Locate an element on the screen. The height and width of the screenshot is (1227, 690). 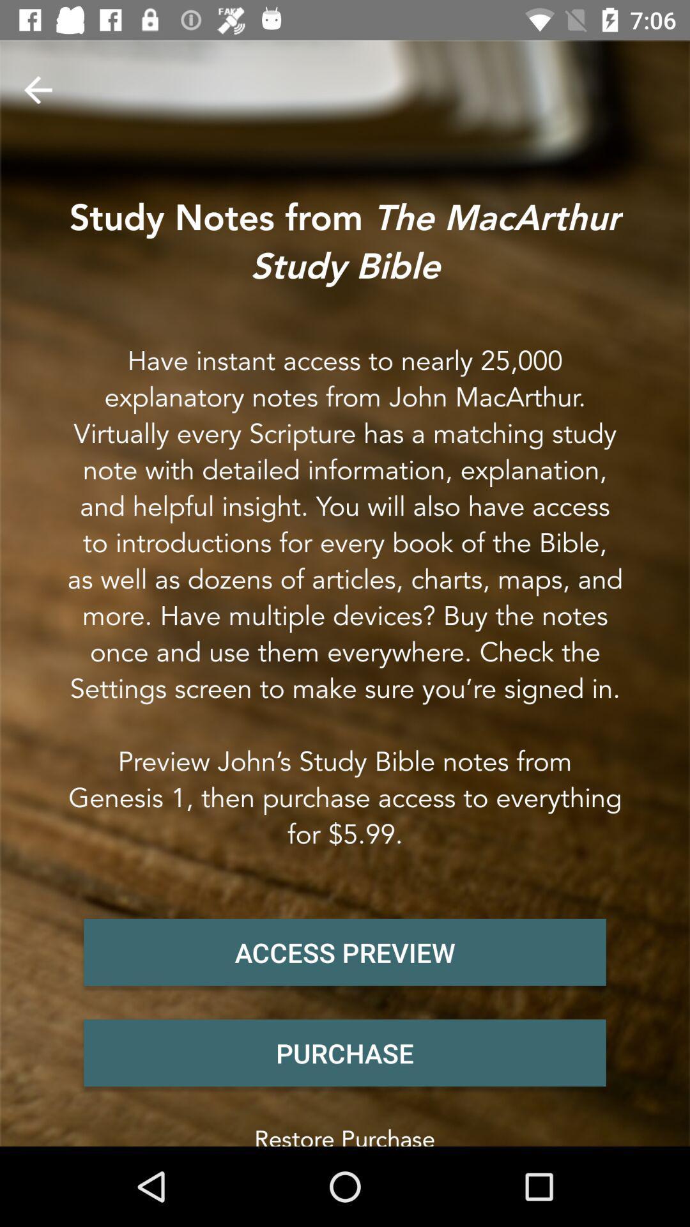
the icon below purchase is located at coordinates (344, 1133).